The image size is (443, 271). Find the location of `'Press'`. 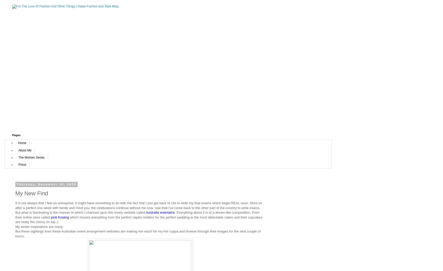

'Press' is located at coordinates (18, 164).